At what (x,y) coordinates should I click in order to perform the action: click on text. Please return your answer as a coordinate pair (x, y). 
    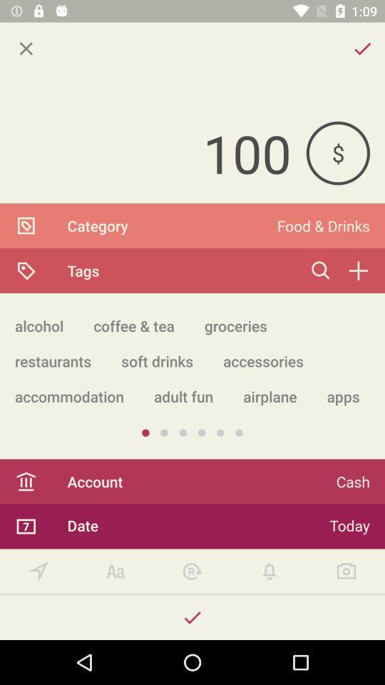
    Looking at the image, I should click on (115, 572).